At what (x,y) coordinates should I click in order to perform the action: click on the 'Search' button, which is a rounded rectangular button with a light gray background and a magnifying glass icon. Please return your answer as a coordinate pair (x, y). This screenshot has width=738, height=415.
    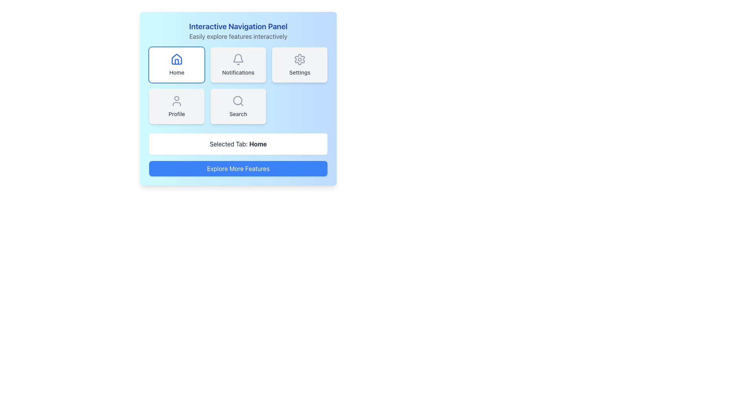
    Looking at the image, I should click on (238, 106).